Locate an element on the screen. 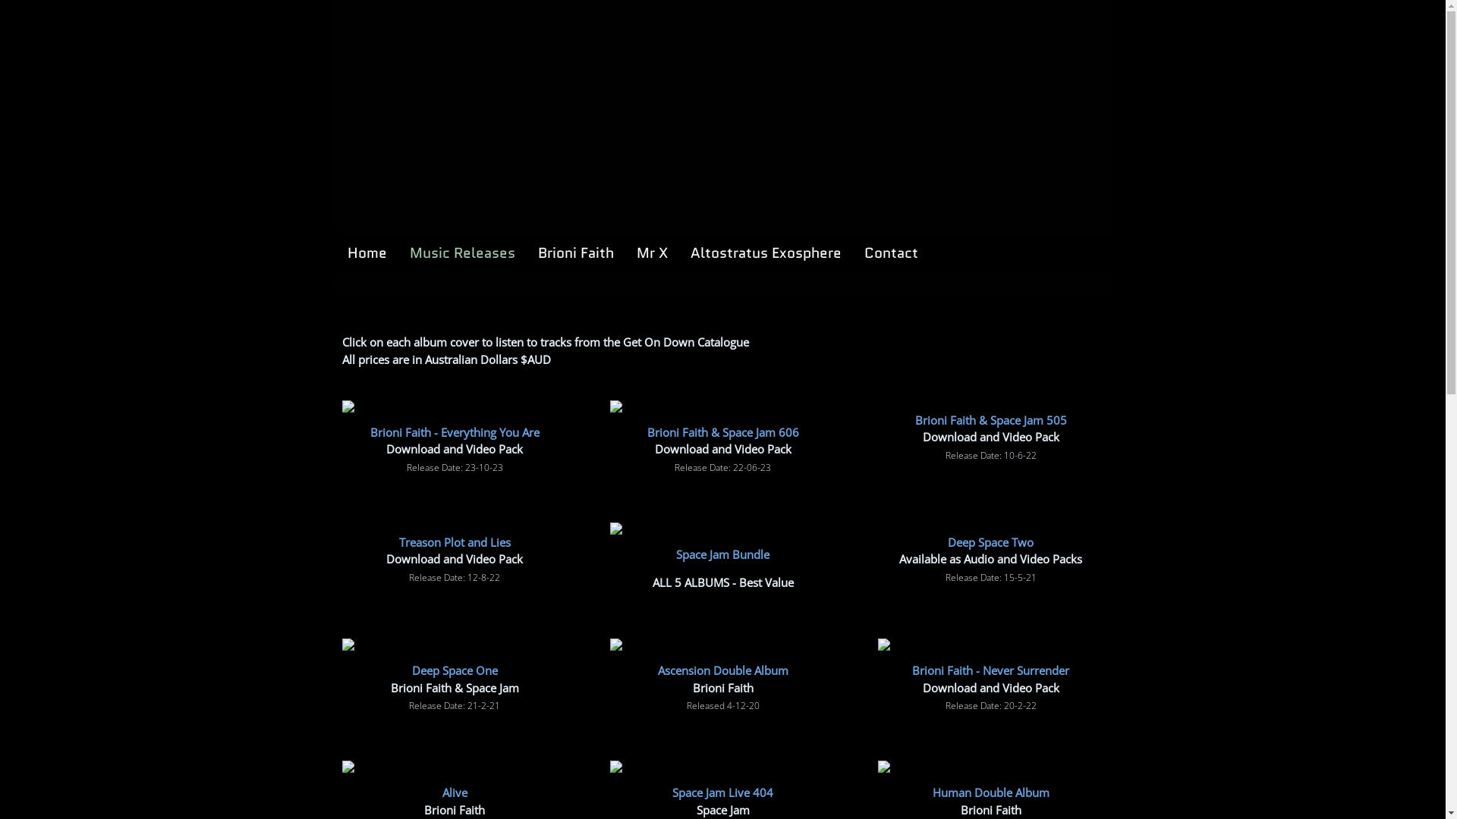 The image size is (1457, 819). 'Brioni Faith - Everything You Are' is located at coordinates (370, 432).